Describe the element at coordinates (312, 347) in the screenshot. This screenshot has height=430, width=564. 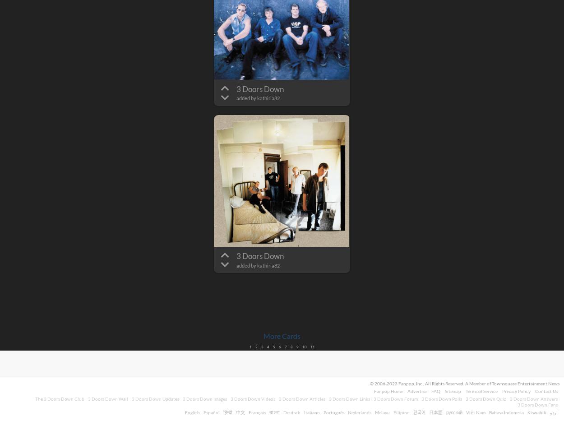
I see `'11'` at that location.